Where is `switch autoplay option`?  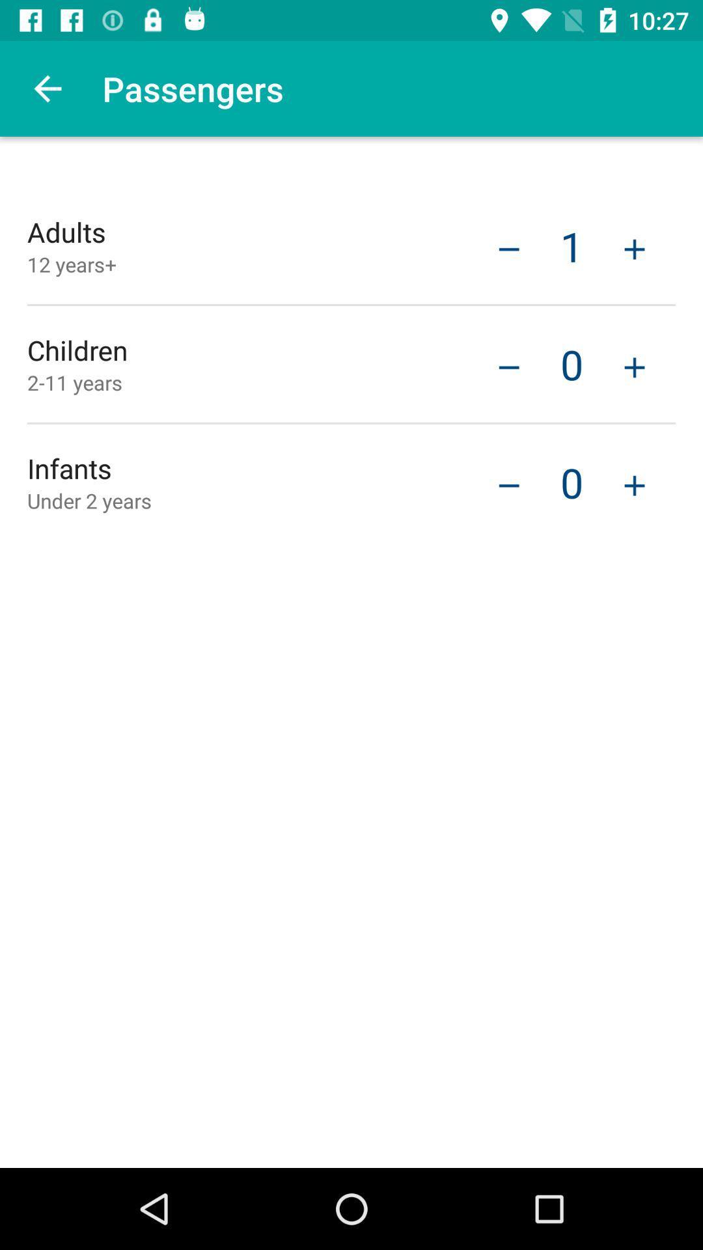
switch autoplay option is located at coordinates (634, 247).